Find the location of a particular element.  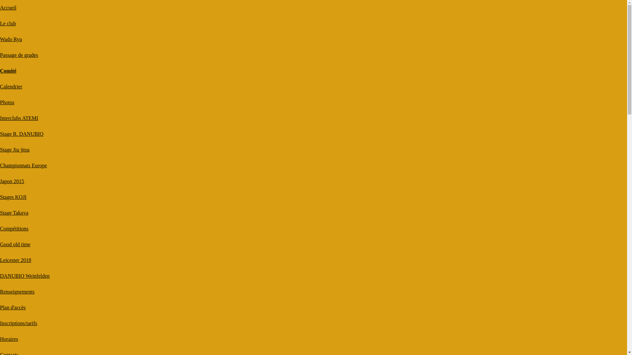

'Good old time' is located at coordinates (15, 244).